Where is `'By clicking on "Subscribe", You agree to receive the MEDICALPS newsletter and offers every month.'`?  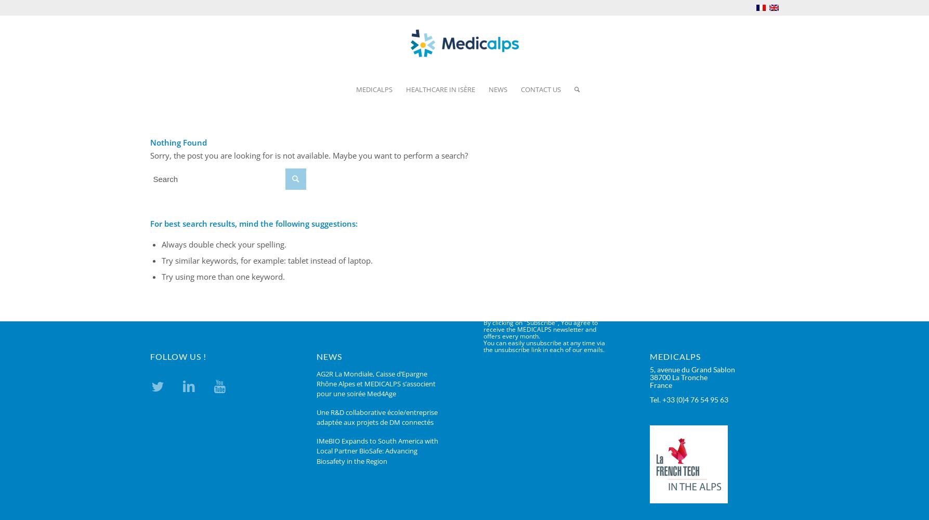 'By clicking on "Subscribe", You agree to receive the MEDICALPS newsletter and offers every month.' is located at coordinates (539, 329).